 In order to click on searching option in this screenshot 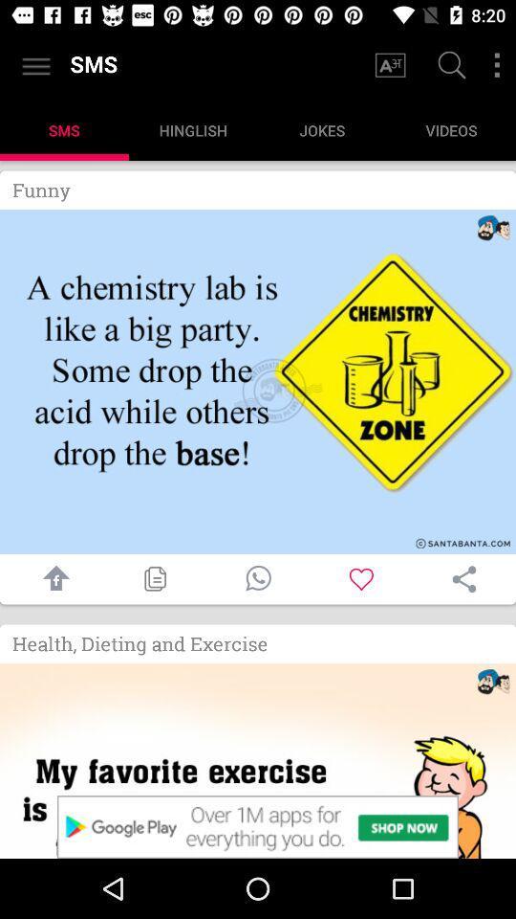, I will do `click(449, 67)`.